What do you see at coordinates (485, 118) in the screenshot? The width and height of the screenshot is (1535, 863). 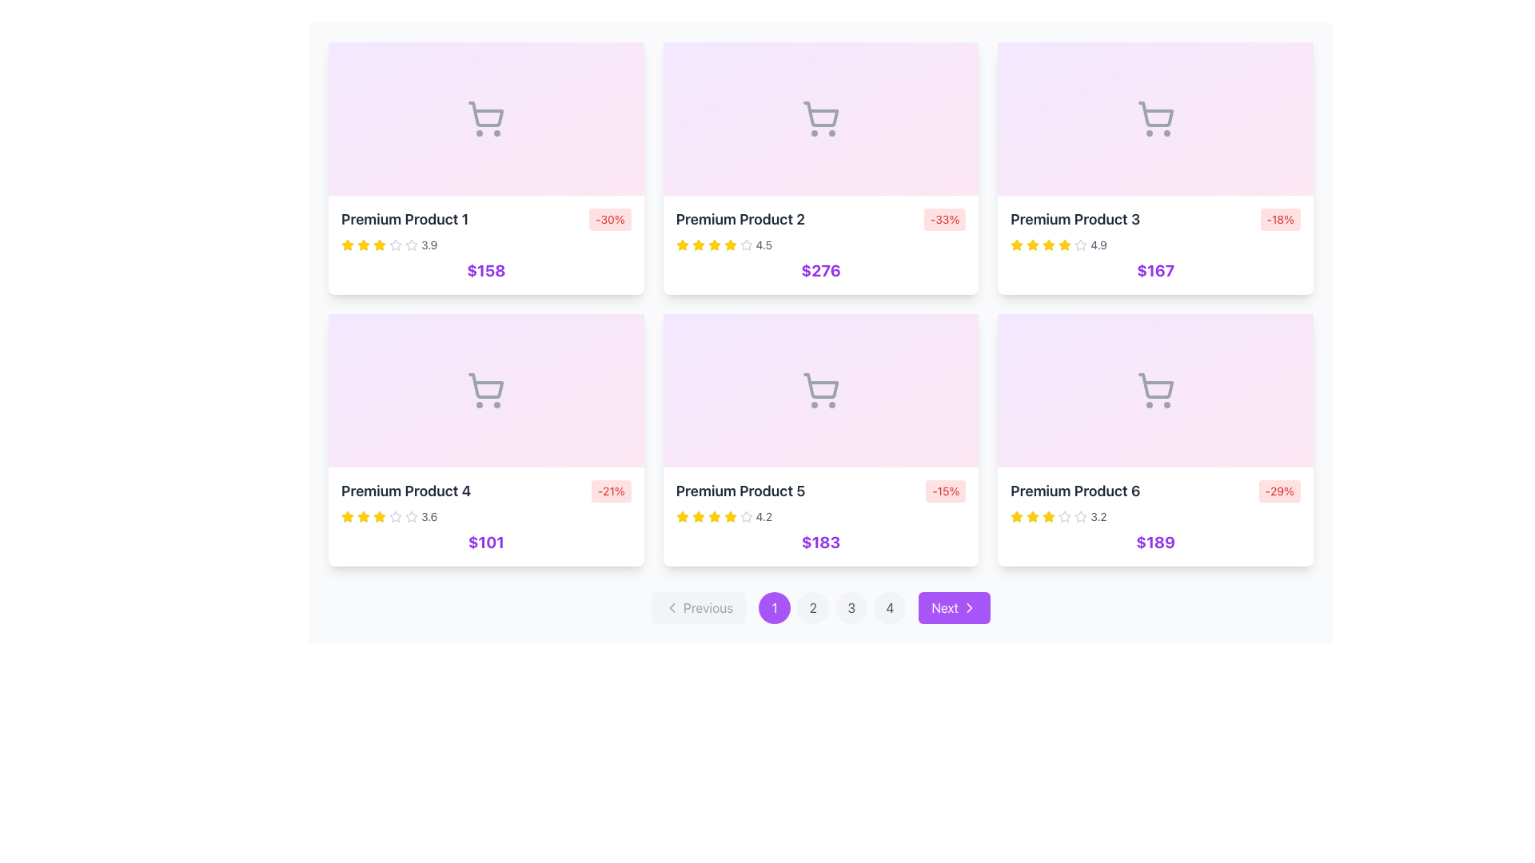 I see `the shopping cart icon, which is a gray outlined vector illustration located within the purple and pink gradient block of the 'Premium Product 1' card in the top-left corner of the grid` at bounding box center [485, 118].